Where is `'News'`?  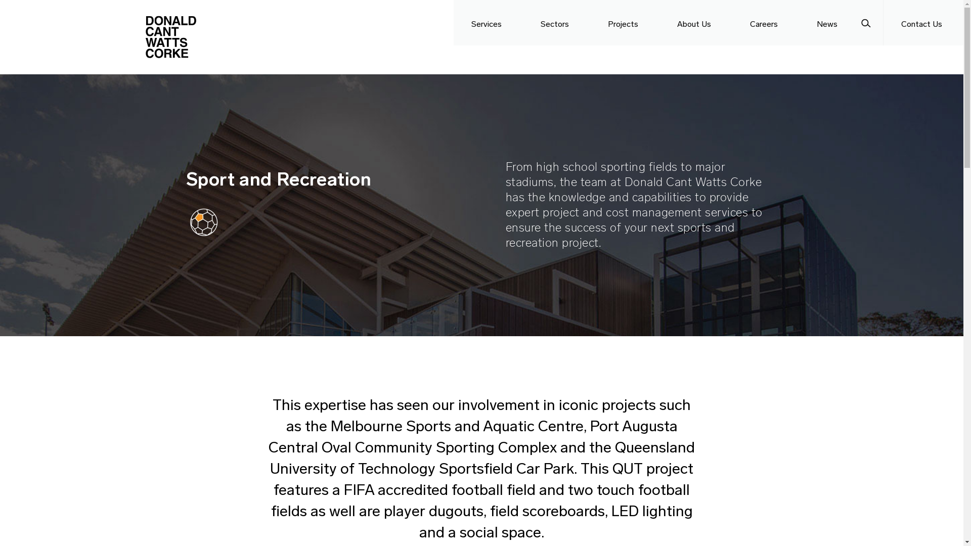 'News' is located at coordinates (798, 23).